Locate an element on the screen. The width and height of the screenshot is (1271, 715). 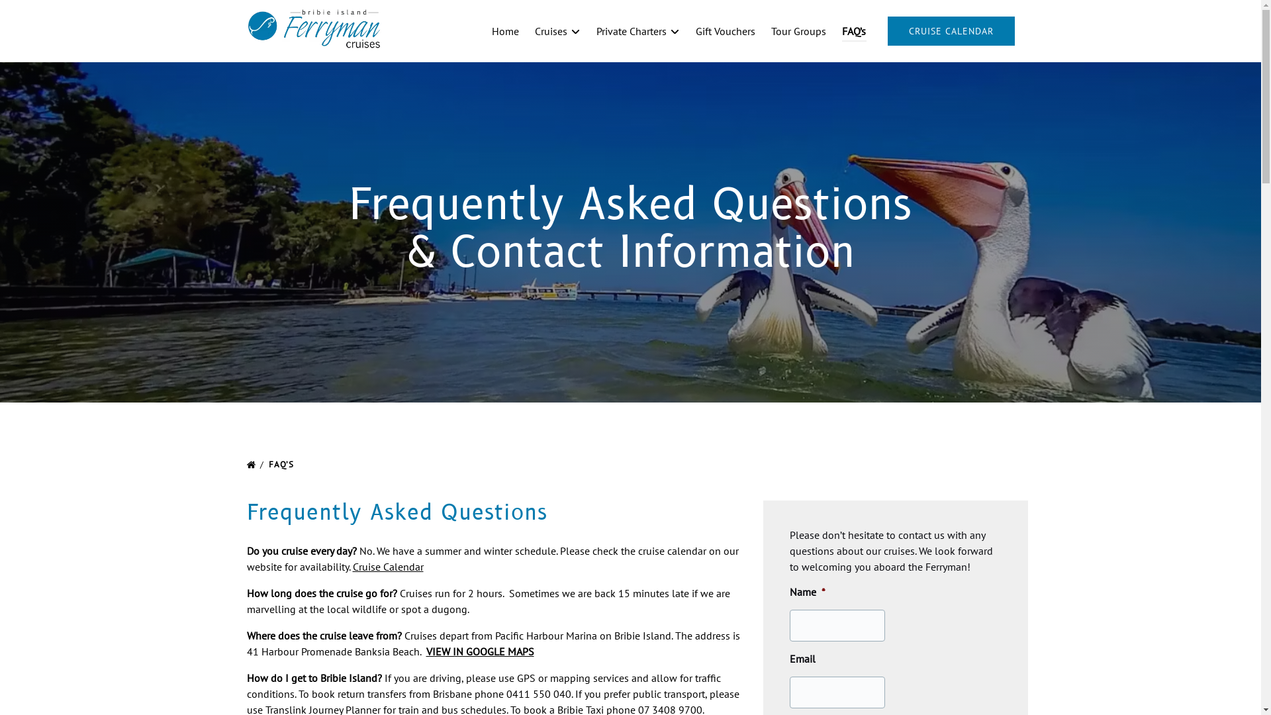
'Private Charters' is located at coordinates (587, 30).